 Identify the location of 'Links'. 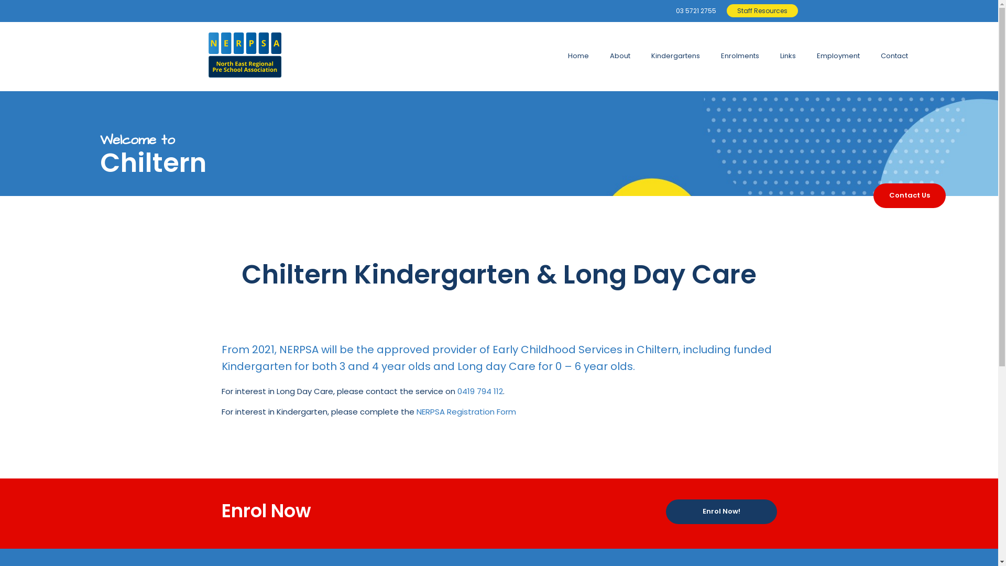
(769, 56).